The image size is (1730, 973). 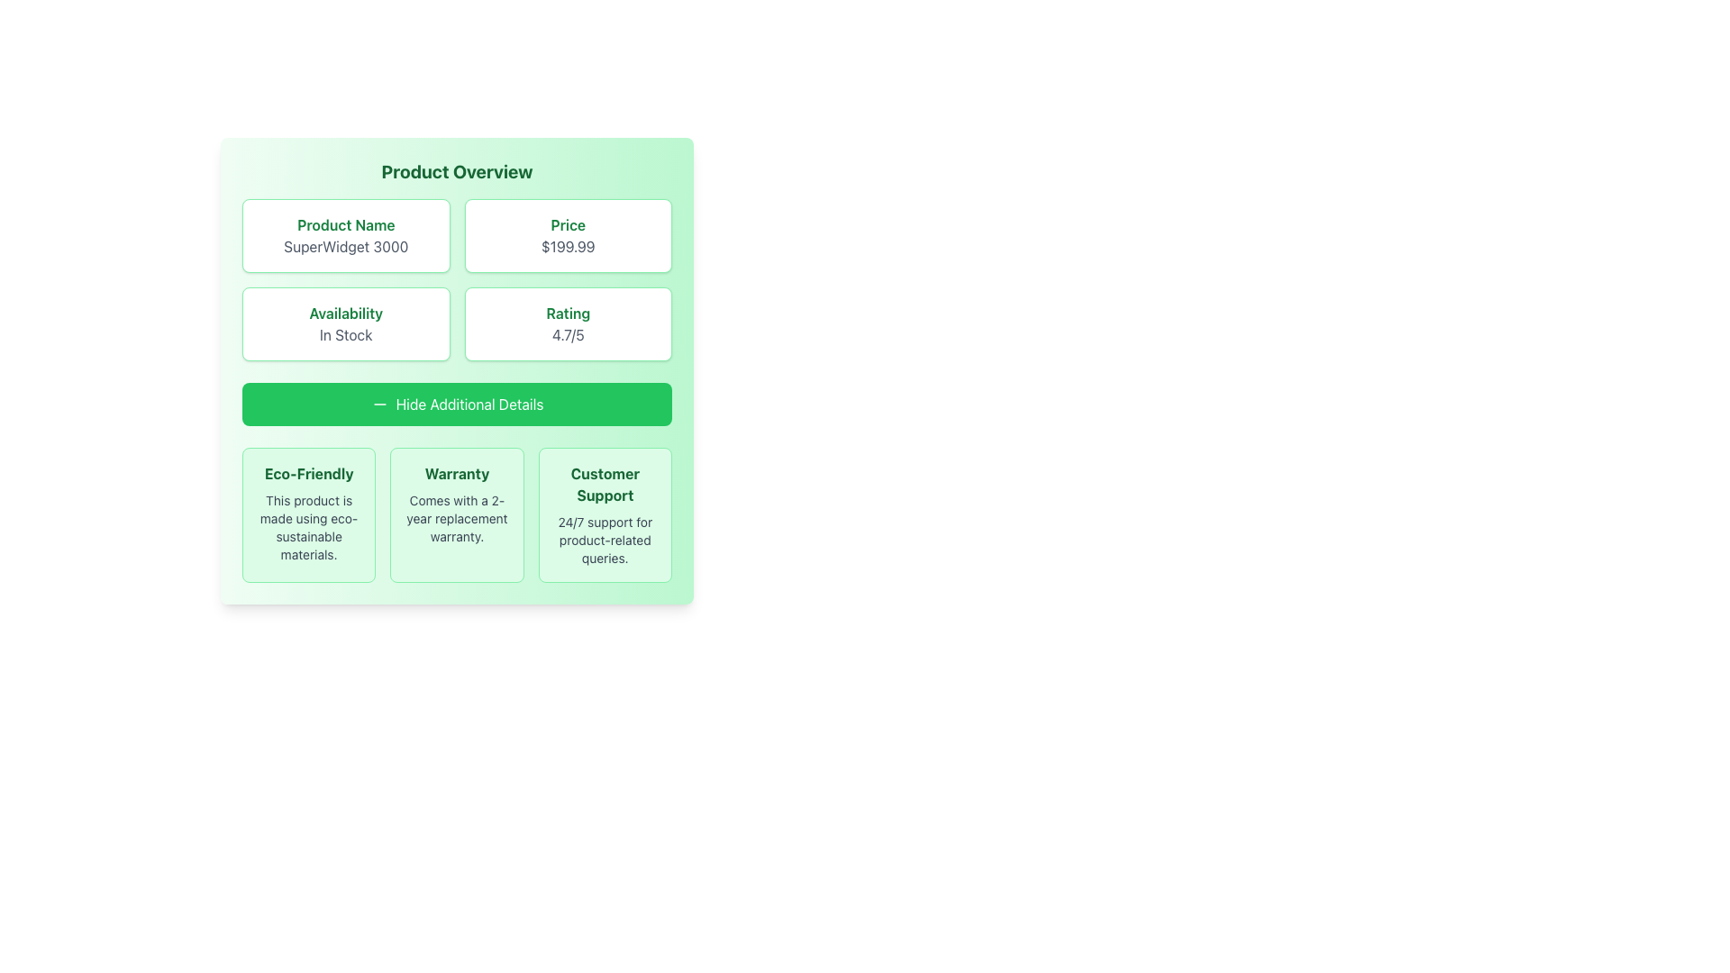 What do you see at coordinates (457, 403) in the screenshot?
I see `the button located below the product details grid in the 'Product Overview' section to hide the additional product details` at bounding box center [457, 403].